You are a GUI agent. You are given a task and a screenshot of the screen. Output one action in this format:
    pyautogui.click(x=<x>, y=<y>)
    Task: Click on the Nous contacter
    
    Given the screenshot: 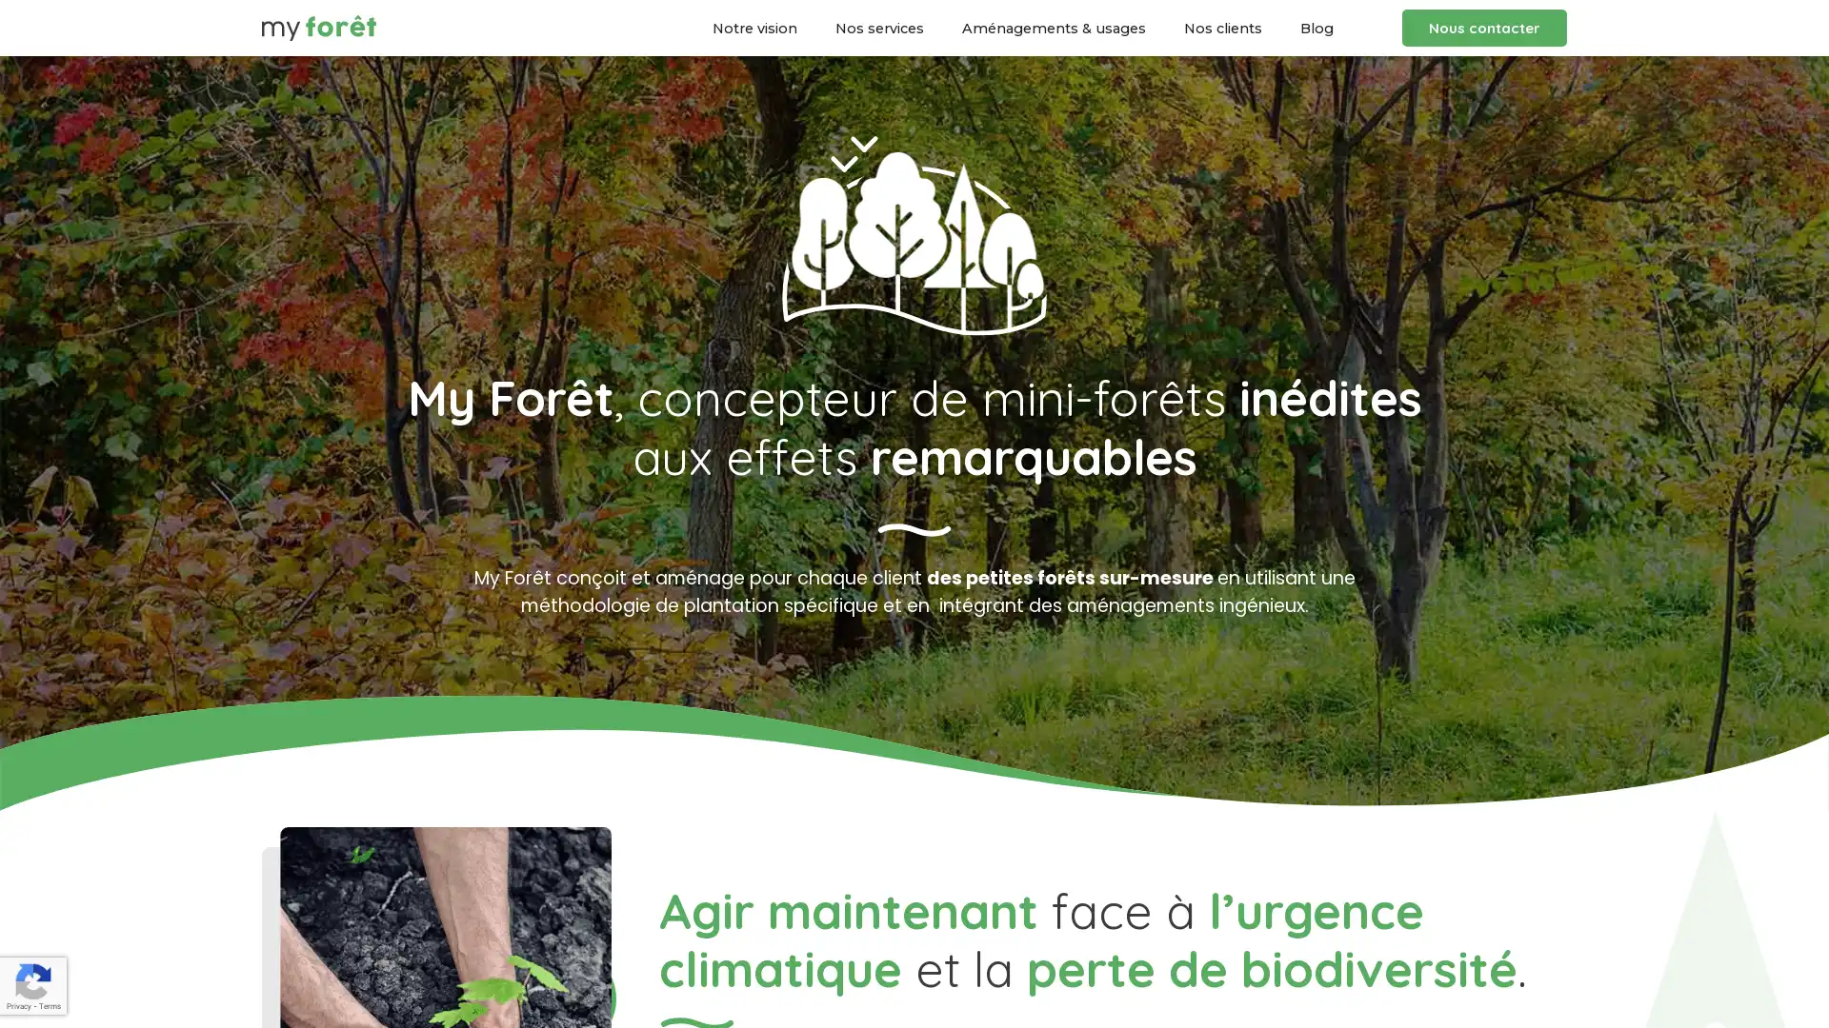 What is the action you would take?
    pyautogui.click(x=1483, y=28)
    